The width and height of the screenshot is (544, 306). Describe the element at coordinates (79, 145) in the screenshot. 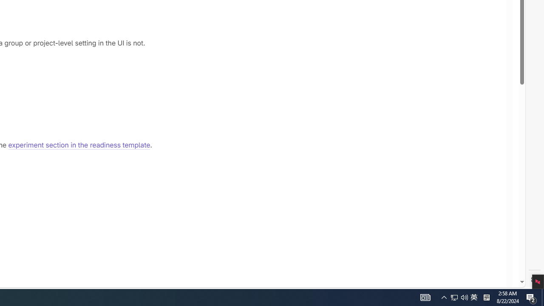

I see `'experiment section in the readiness template'` at that location.